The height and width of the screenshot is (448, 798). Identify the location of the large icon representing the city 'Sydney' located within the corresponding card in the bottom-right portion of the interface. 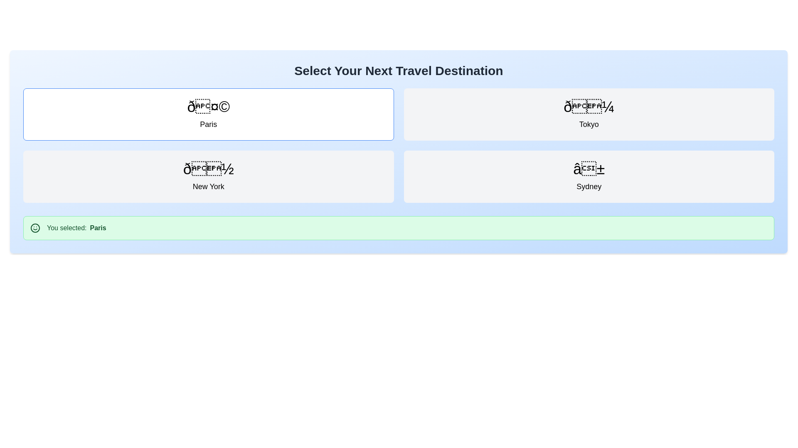
(589, 169).